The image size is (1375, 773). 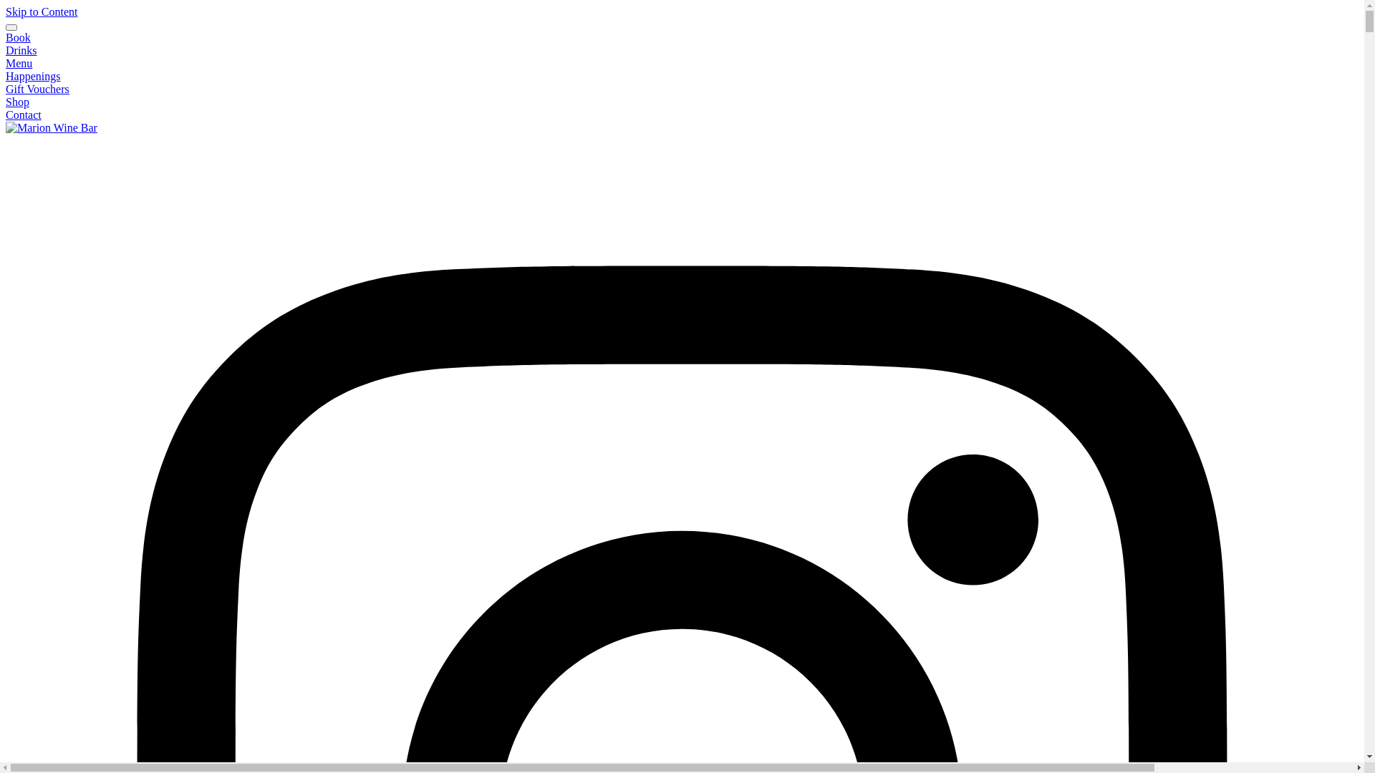 What do you see at coordinates (6, 114) in the screenshot?
I see `'Contact'` at bounding box center [6, 114].